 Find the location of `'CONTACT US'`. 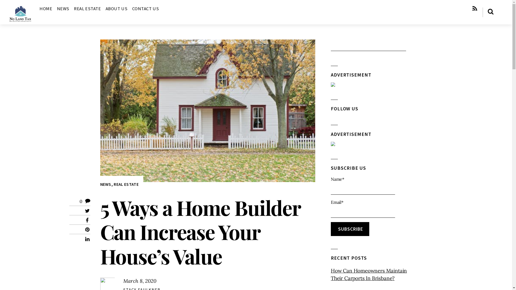

'CONTACT US' is located at coordinates (145, 9).